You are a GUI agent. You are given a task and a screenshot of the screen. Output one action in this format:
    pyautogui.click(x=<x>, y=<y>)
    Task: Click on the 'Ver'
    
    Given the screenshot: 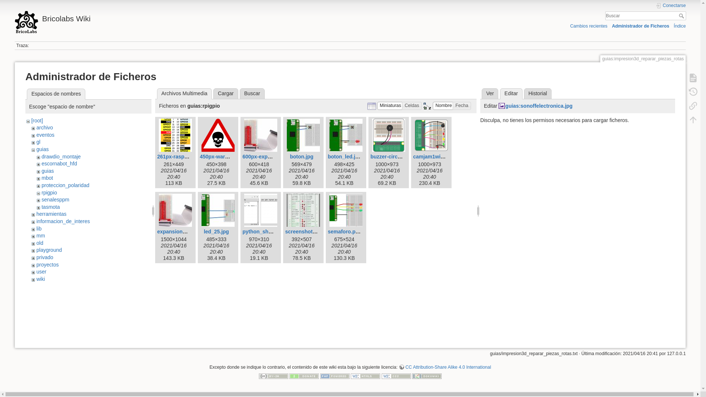 What is the action you would take?
    pyautogui.click(x=490, y=93)
    